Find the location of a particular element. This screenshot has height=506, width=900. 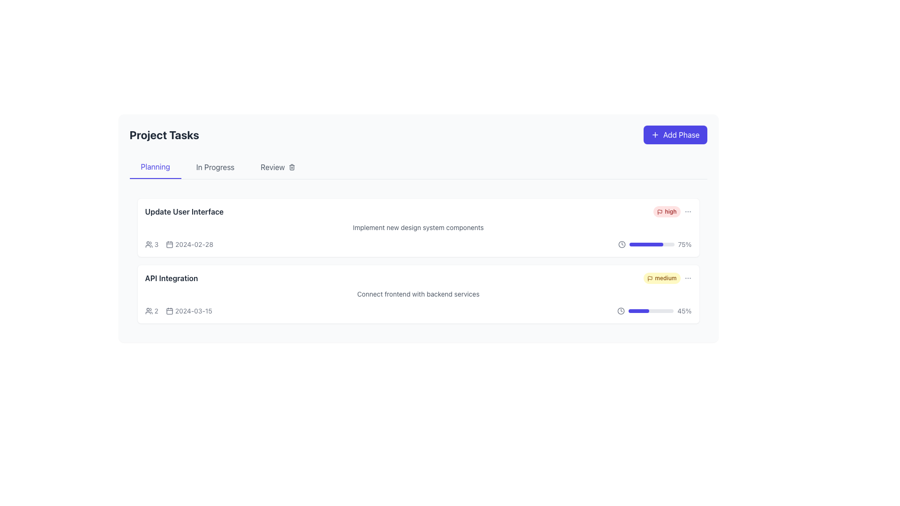

the icon located within the 'medium' label badge to the right of the 'API Integration' task row, positioned above the progress bar and below the task name is located at coordinates (650, 278).